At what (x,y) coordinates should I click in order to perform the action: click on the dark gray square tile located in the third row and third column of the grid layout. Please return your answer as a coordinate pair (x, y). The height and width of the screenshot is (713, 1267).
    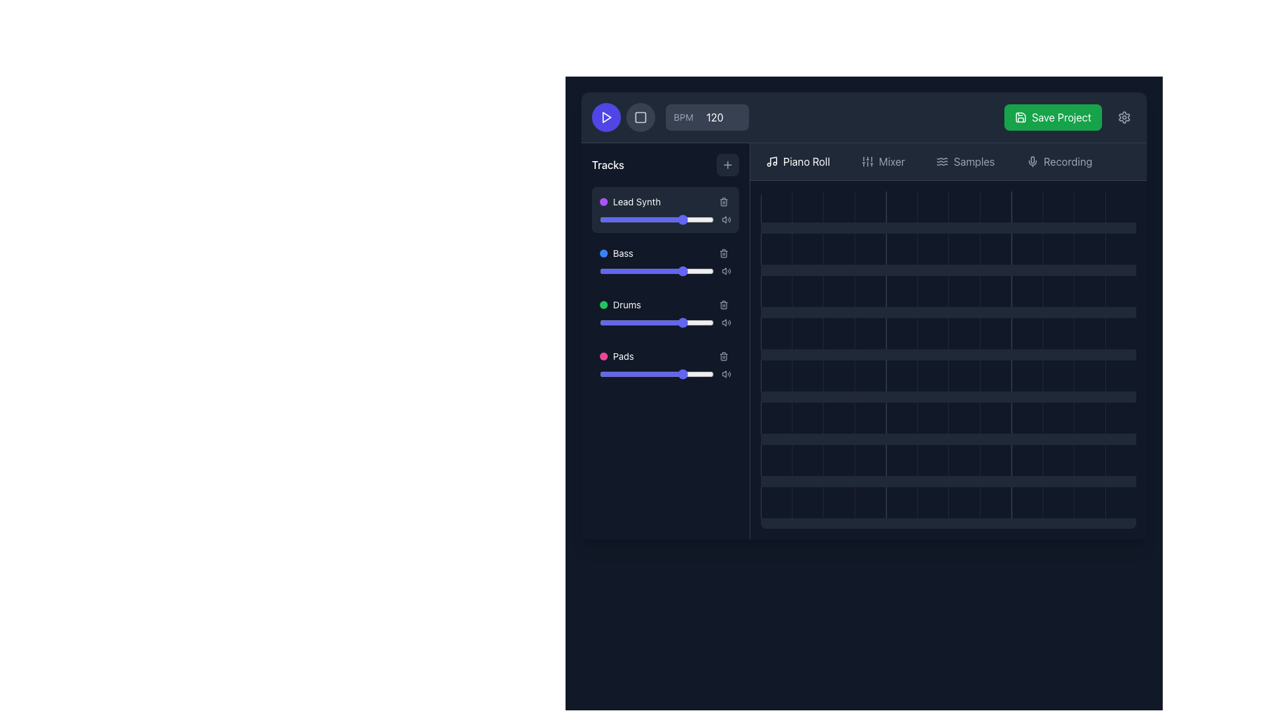
    Looking at the image, I should click on (838, 333).